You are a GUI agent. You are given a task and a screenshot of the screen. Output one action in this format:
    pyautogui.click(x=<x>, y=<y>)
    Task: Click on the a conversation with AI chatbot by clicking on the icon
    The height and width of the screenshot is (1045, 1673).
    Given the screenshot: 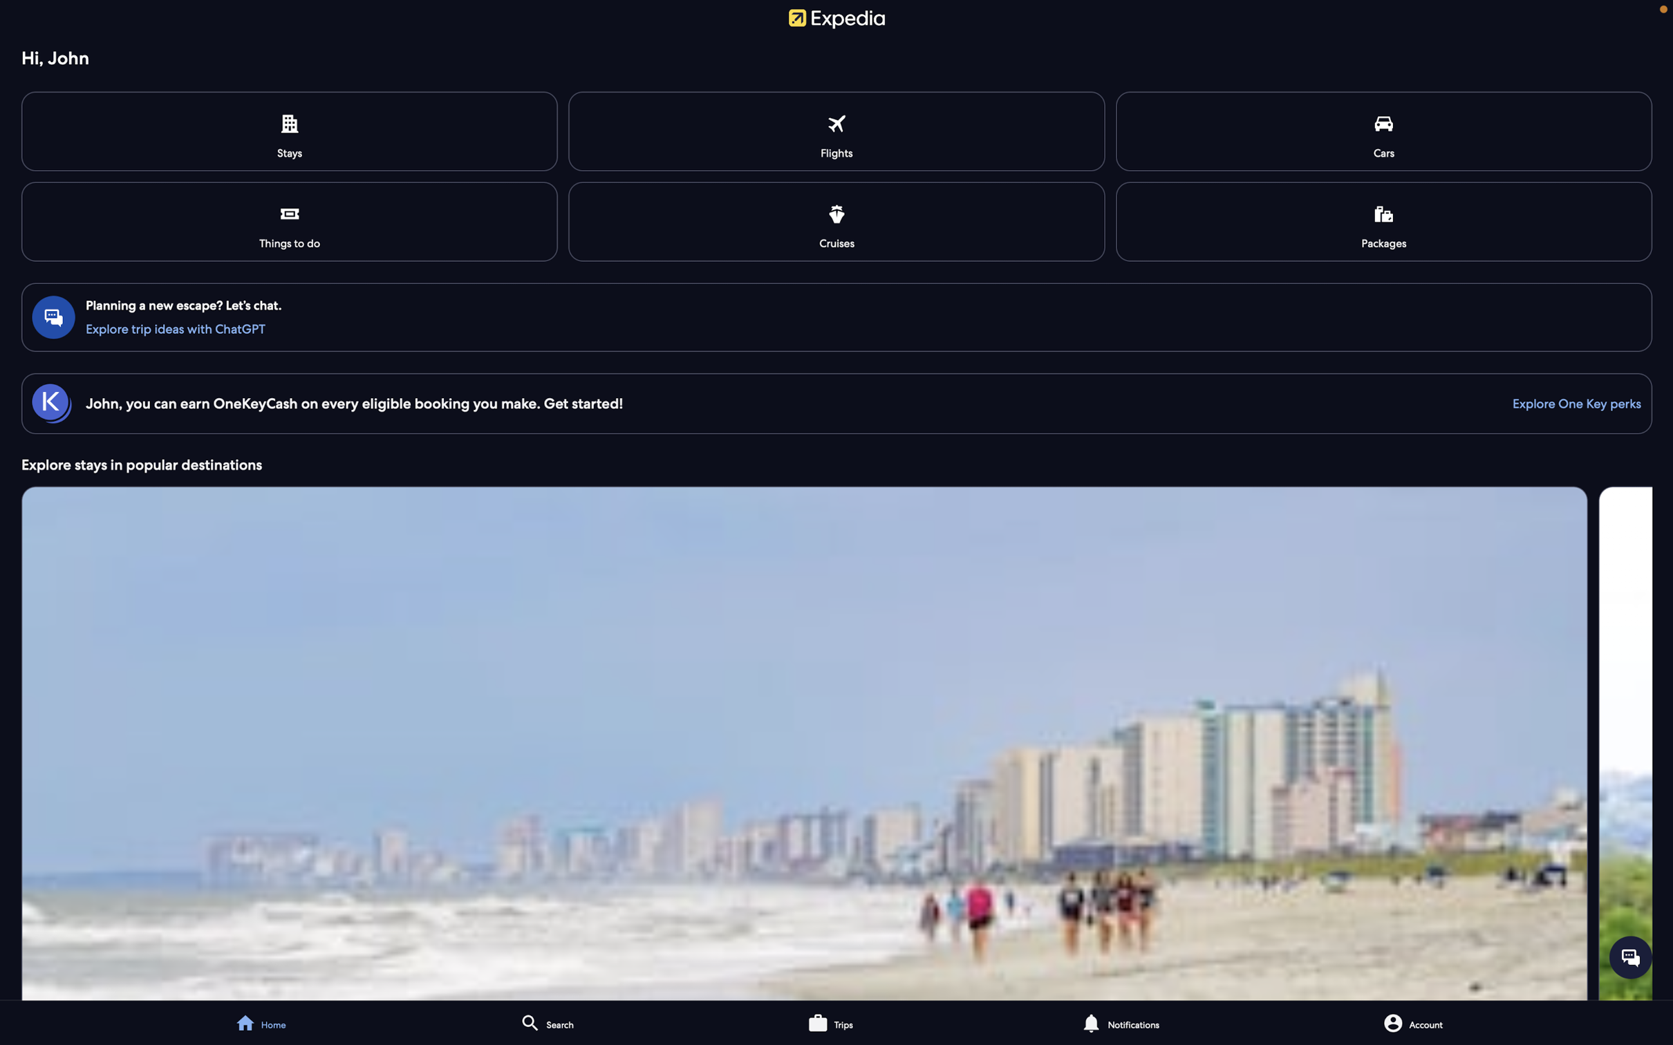 What is the action you would take?
    pyautogui.click(x=1630, y=956)
    